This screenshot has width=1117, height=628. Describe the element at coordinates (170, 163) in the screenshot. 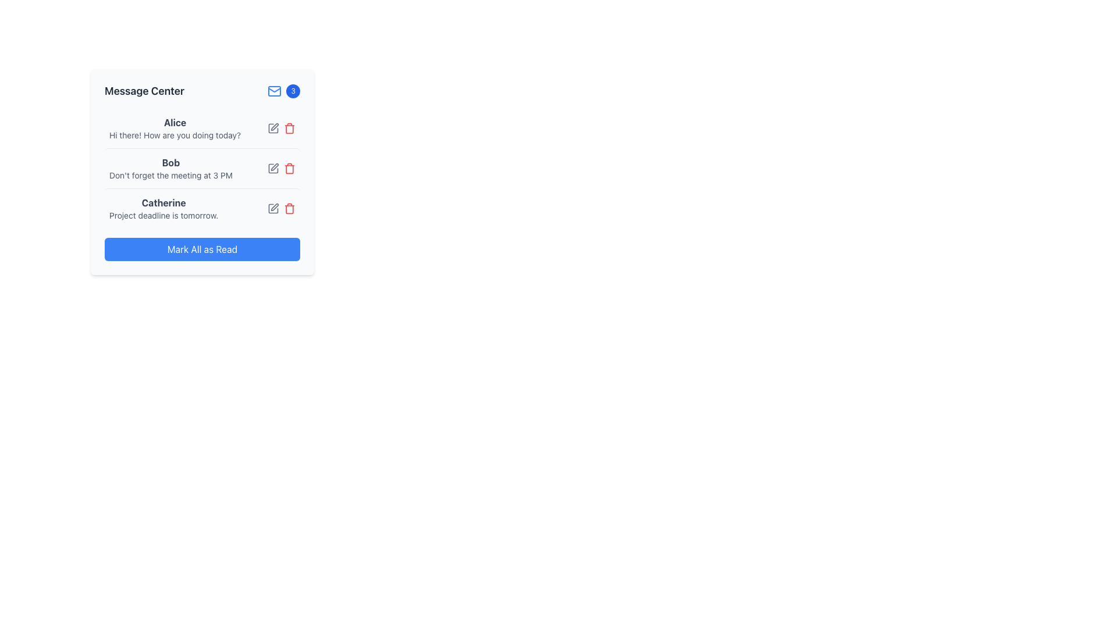

I see `the bold text label reading 'Bob' within the notification card, which is styled with a larger font size and gray color, located in the second notification section` at that location.